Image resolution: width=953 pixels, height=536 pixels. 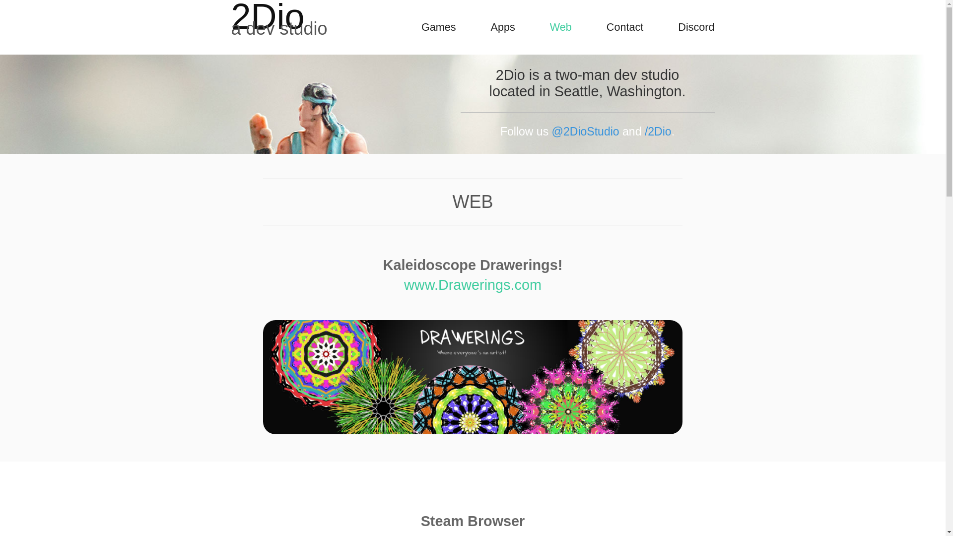 I want to click on '@2DioStudio', so click(x=586, y=131).